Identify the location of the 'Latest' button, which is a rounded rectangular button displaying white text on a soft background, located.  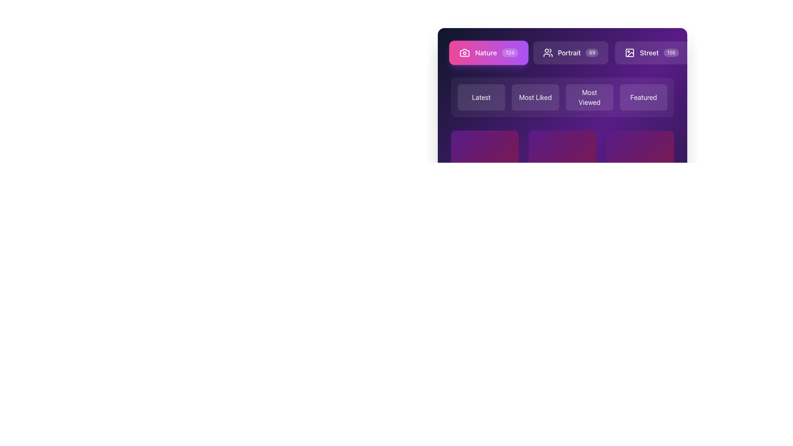
(481, 97).